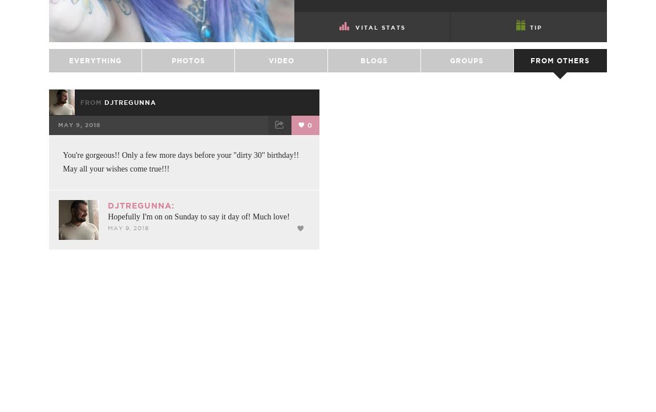 Image resolution: width=656 pixels, height=412 pixels. What do you see at coordinates (198, 244) in the screenshot?
I see `'Hopefully I'm on on Sunday to say it day of! Much love!'` at bounding box center [198, 244].